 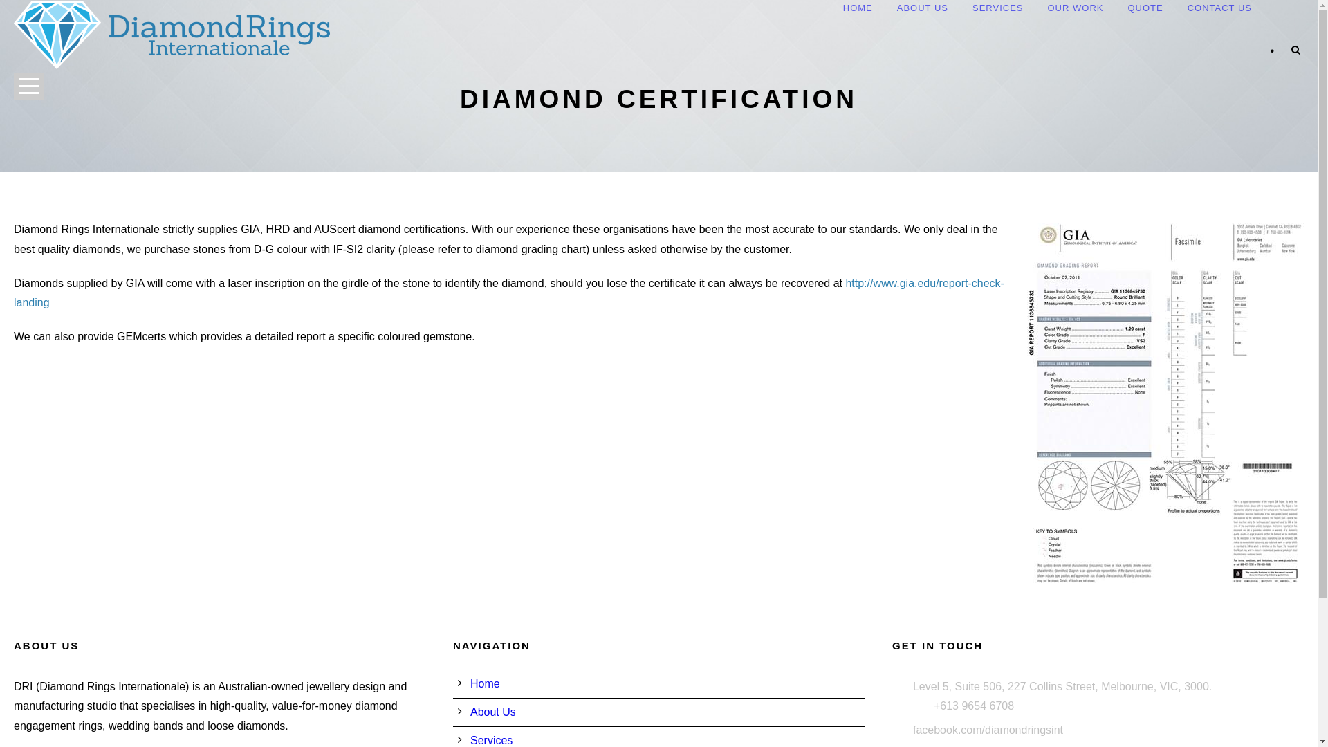 I want to click on 'CONTACT US', so click(x=1219, y=9).